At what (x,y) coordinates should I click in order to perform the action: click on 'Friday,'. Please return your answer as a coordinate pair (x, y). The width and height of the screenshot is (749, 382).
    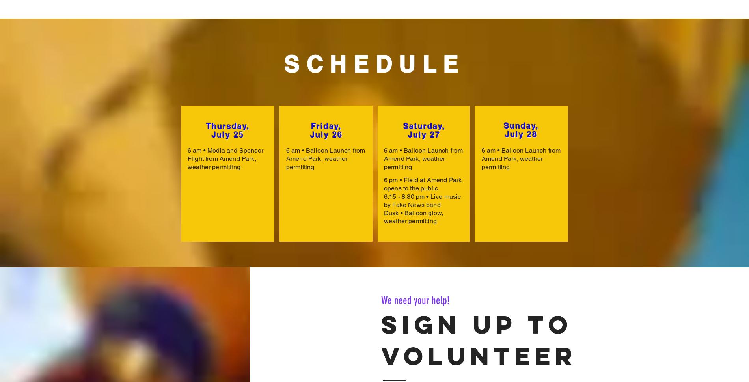
    Looking at the image, I should click on (326, 125).